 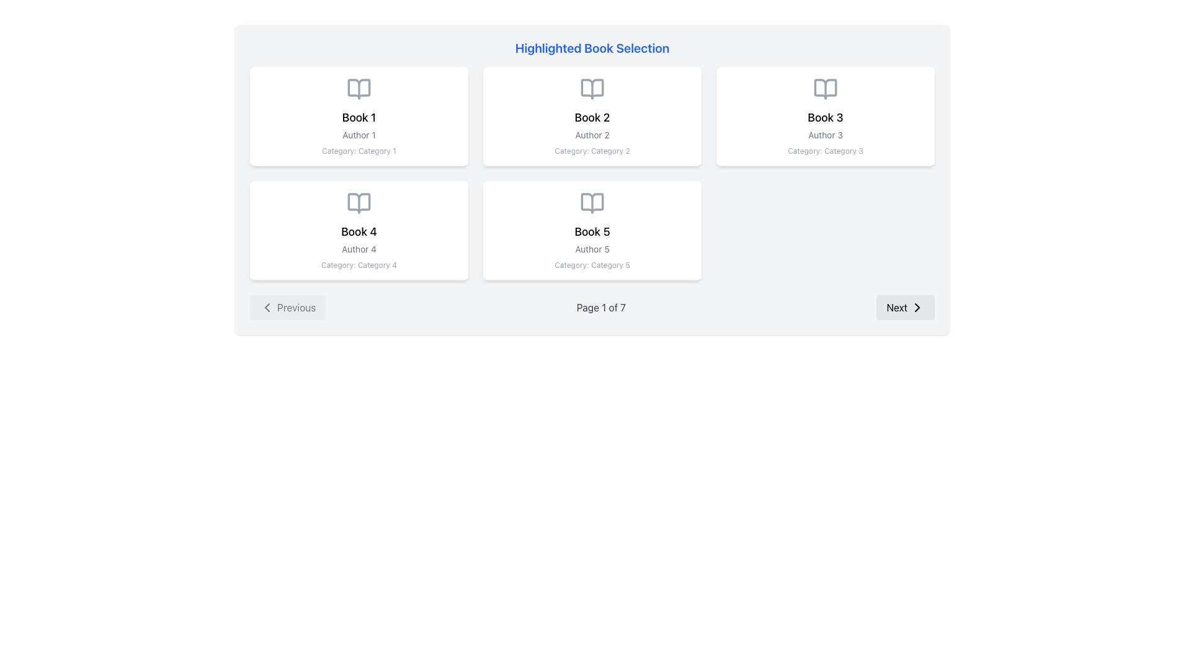 I want to click on the decorative icon representing 'Book 2', which is located at the top center of the card displaying the title text 'Book 2', so click(x=592, y=88).